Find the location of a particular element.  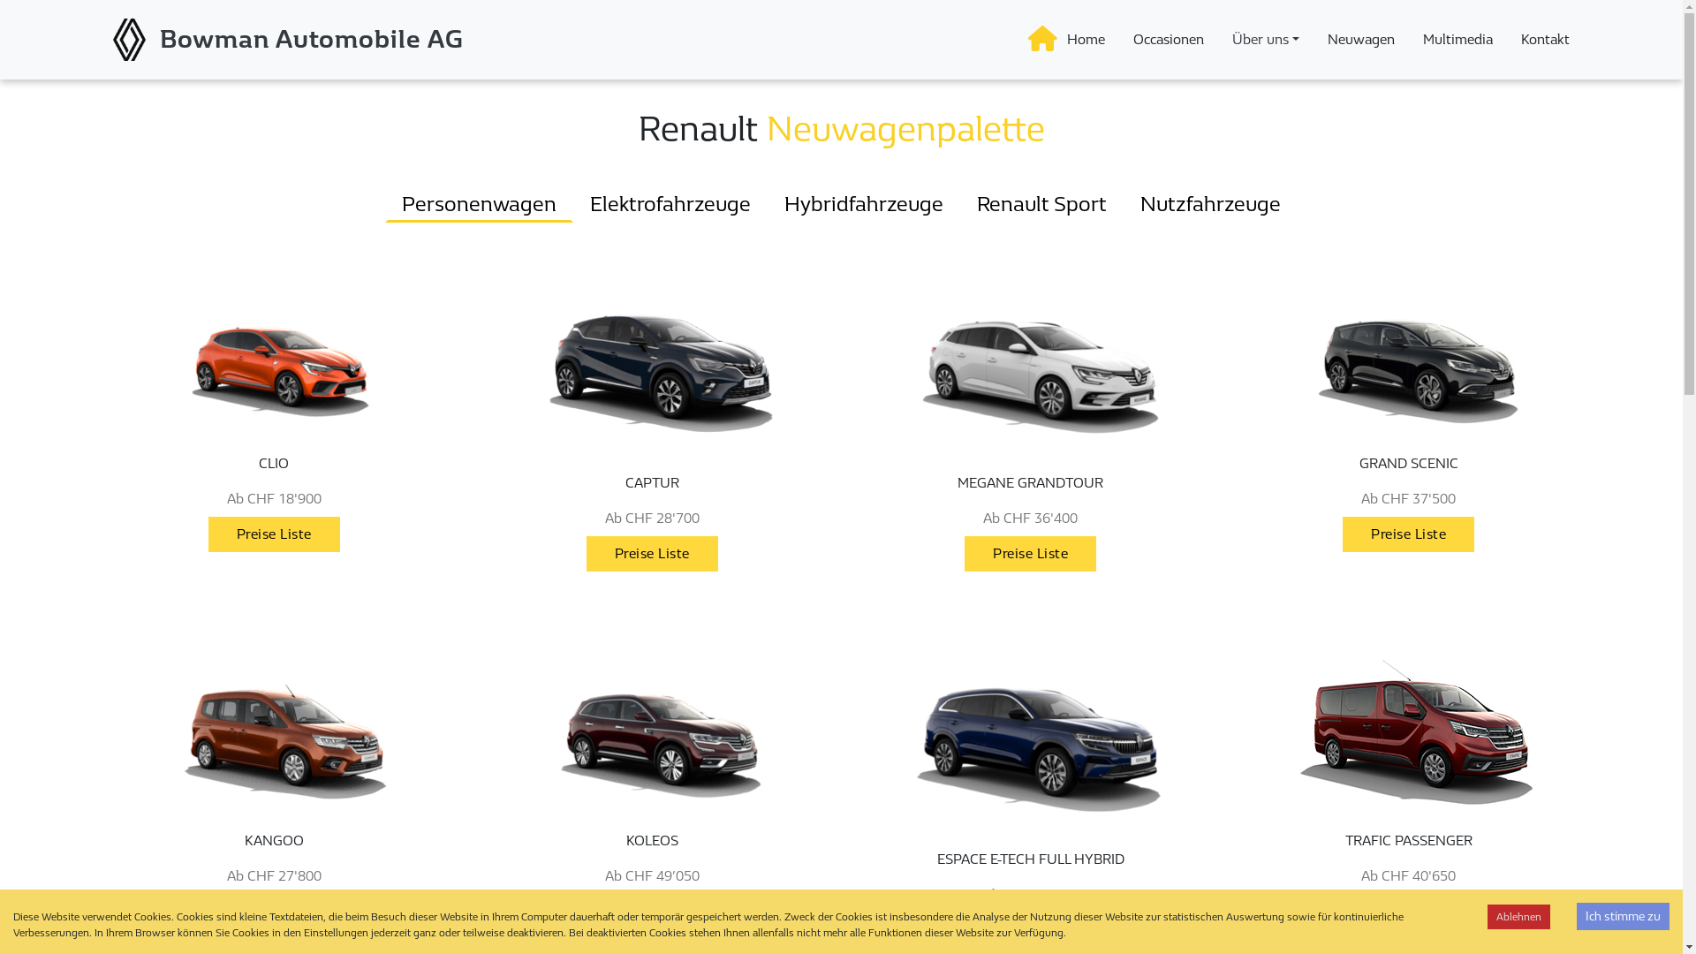

'Preise Liste' is located at coordinates (586, 911).